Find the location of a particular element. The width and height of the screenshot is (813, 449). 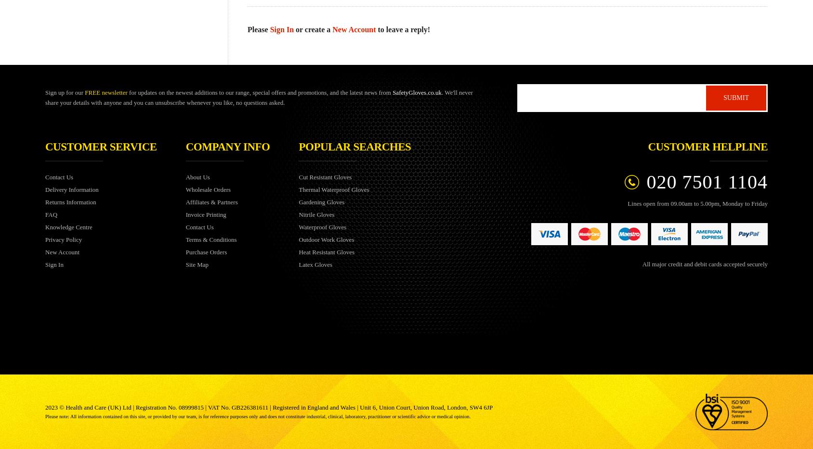

'All major credit and debit cards accepted securely' is located at coordinates (705, 264).